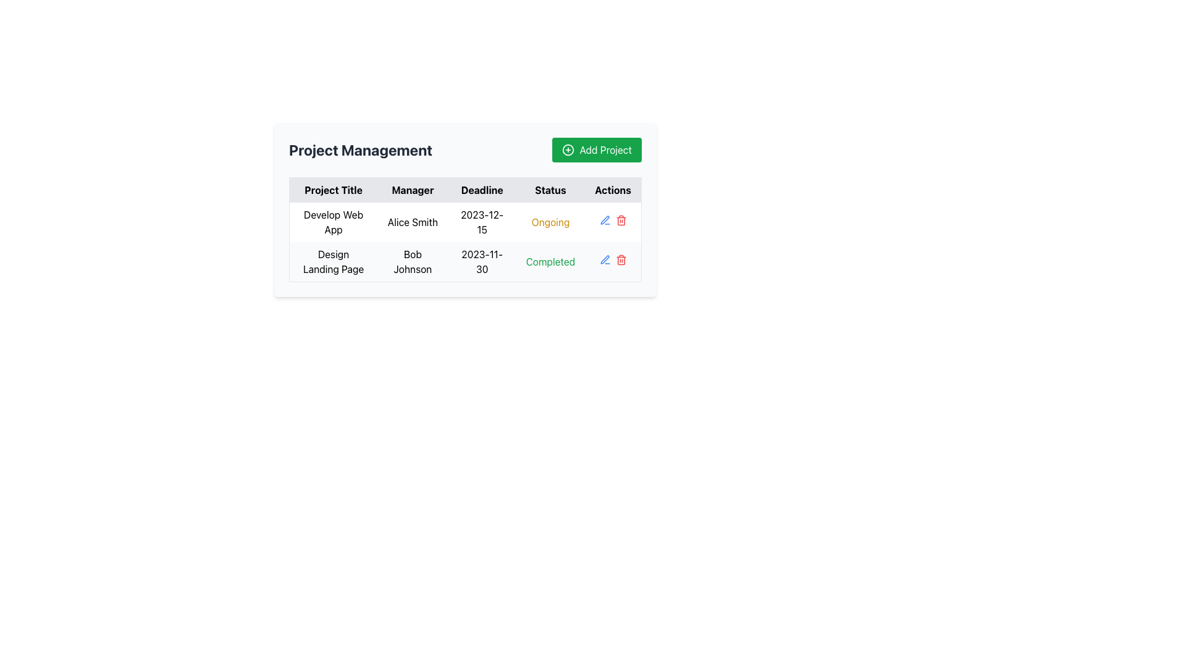  What do you see at coordinates (333, 190) in the screenshot?
I see `the 'Project Title' text label, which is the header for the corresponding column in the table, located in the upper-left region beneath the primary title 'Project Management.'` at bounding box center [333, 190].